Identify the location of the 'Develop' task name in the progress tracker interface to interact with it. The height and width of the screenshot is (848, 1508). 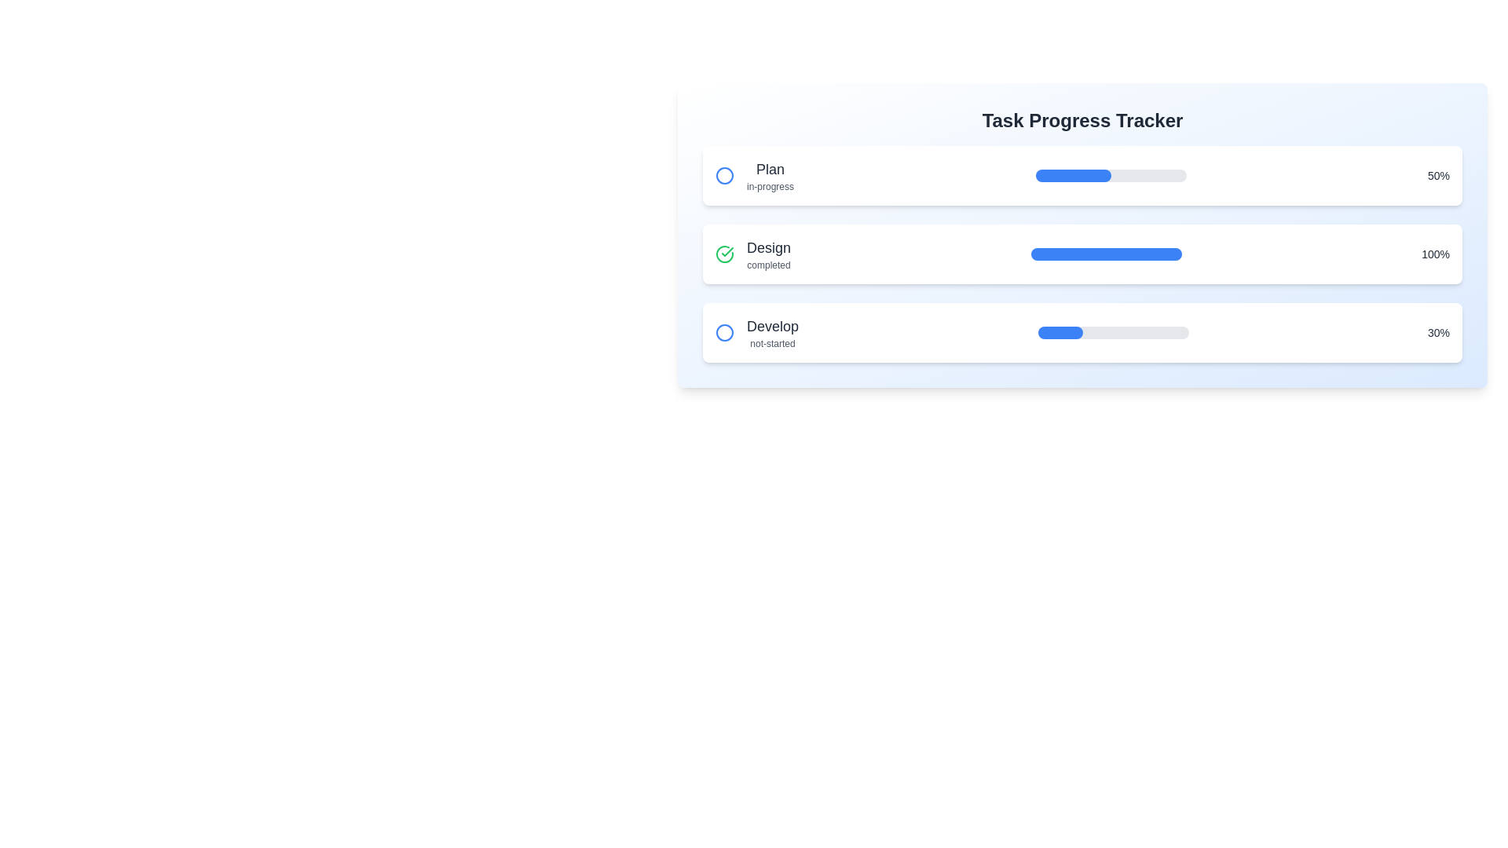
(757, 332).